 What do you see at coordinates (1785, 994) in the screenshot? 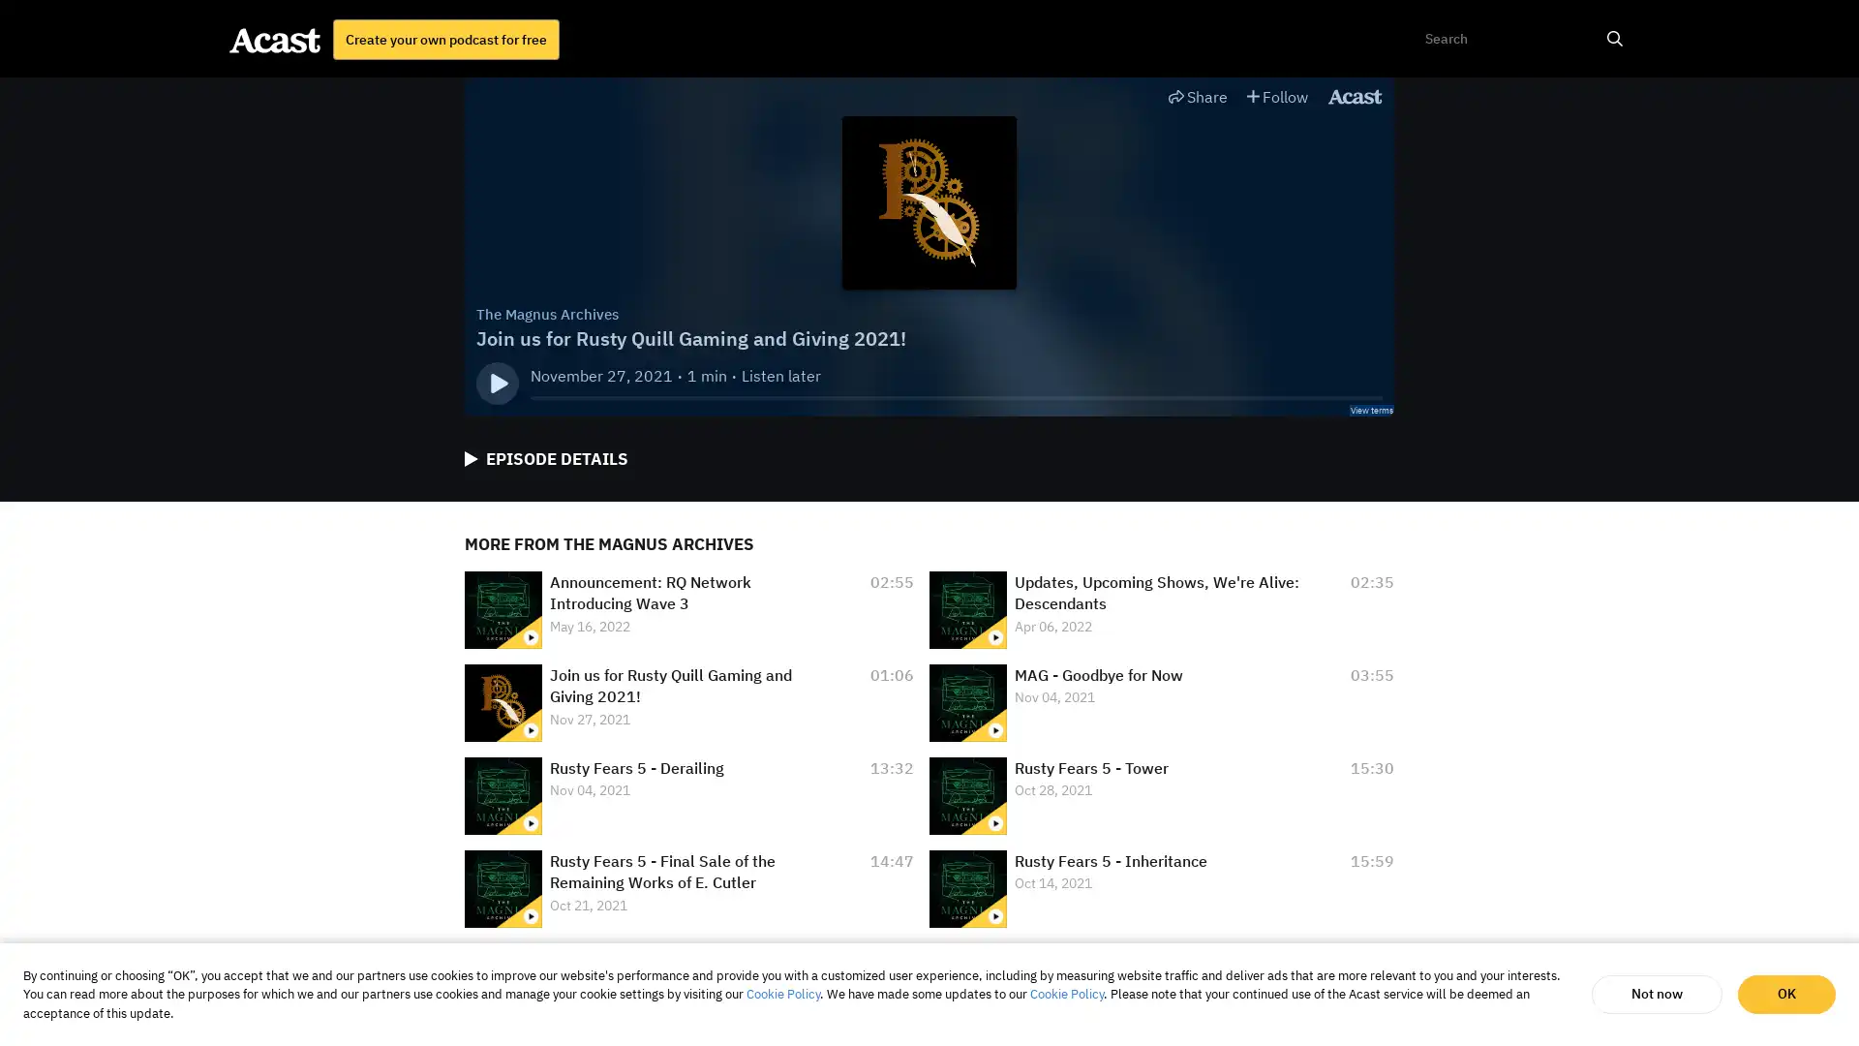
I see `OK` at bounding box center [1785, 994].